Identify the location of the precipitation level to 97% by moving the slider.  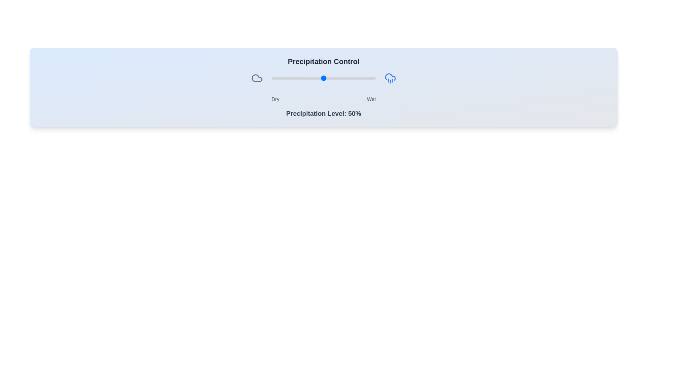
(373, 78).